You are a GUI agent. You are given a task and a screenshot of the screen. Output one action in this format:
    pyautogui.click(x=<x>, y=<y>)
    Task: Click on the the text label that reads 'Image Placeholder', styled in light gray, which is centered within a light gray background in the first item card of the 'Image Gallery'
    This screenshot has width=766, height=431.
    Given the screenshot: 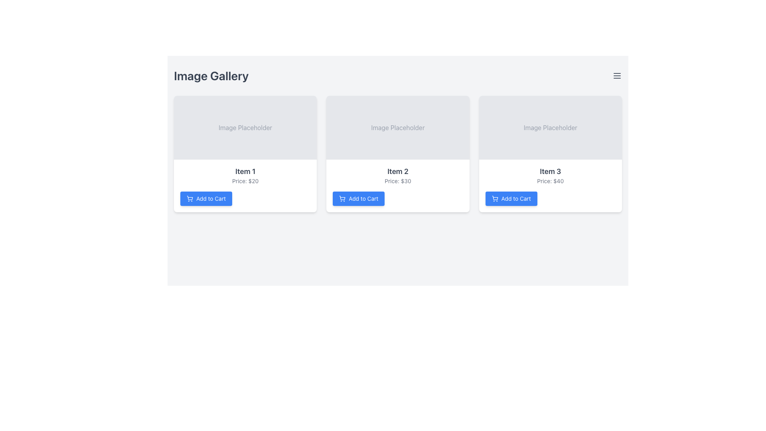 What is the action you would take?
    pyautogui.click(x=245, y=127)
    